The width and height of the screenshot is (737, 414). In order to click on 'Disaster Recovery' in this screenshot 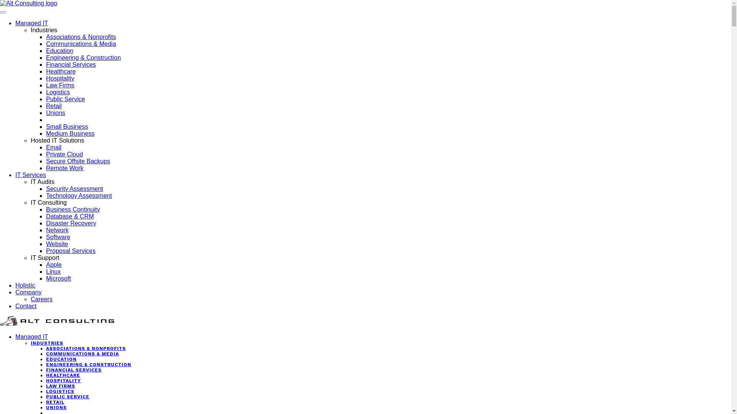, I will do `click(46, 223)`.